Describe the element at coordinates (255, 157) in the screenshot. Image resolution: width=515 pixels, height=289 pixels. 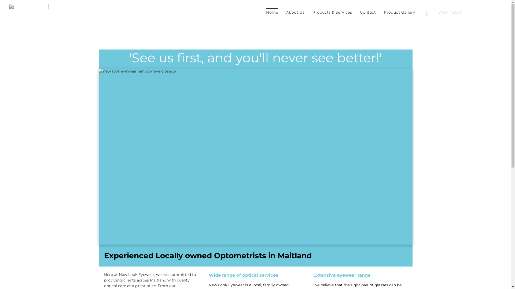
I see `'new look eyewear rainbow eye closeup'` at that location.